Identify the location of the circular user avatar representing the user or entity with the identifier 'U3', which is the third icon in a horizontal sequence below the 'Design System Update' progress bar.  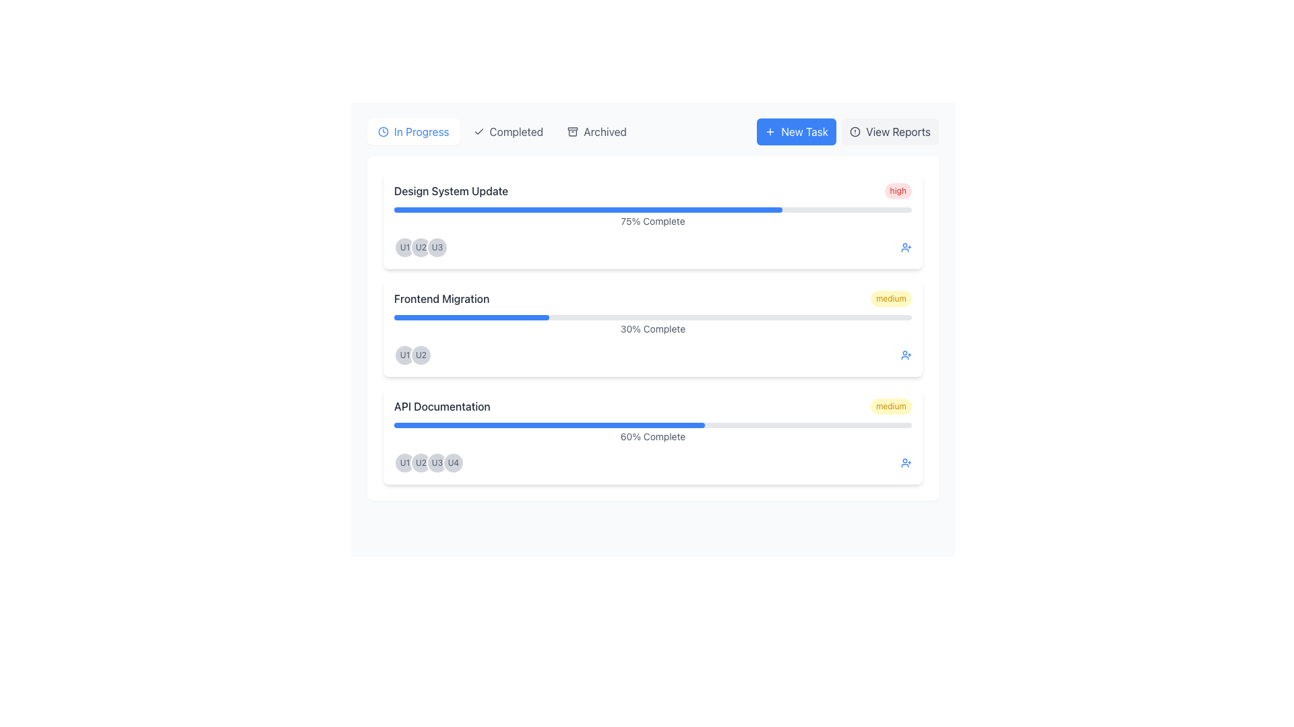
(437, 247).